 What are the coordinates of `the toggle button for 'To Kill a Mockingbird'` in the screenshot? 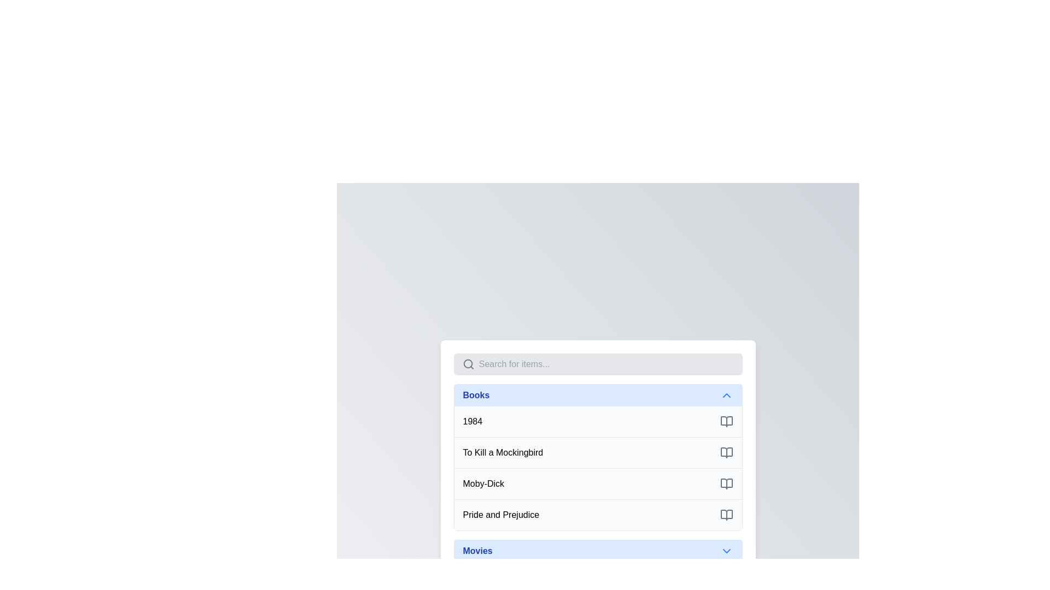 It's located at (726, 452).